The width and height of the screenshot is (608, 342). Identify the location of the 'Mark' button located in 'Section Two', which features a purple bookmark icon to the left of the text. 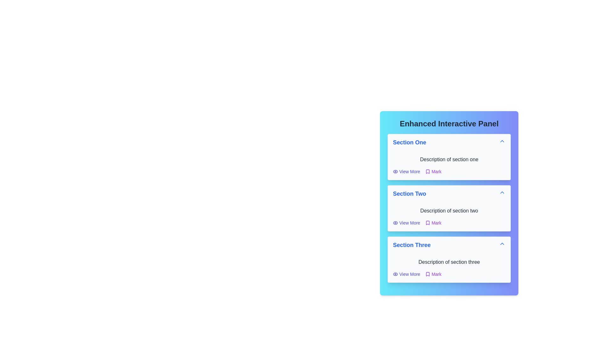
(433, 223).